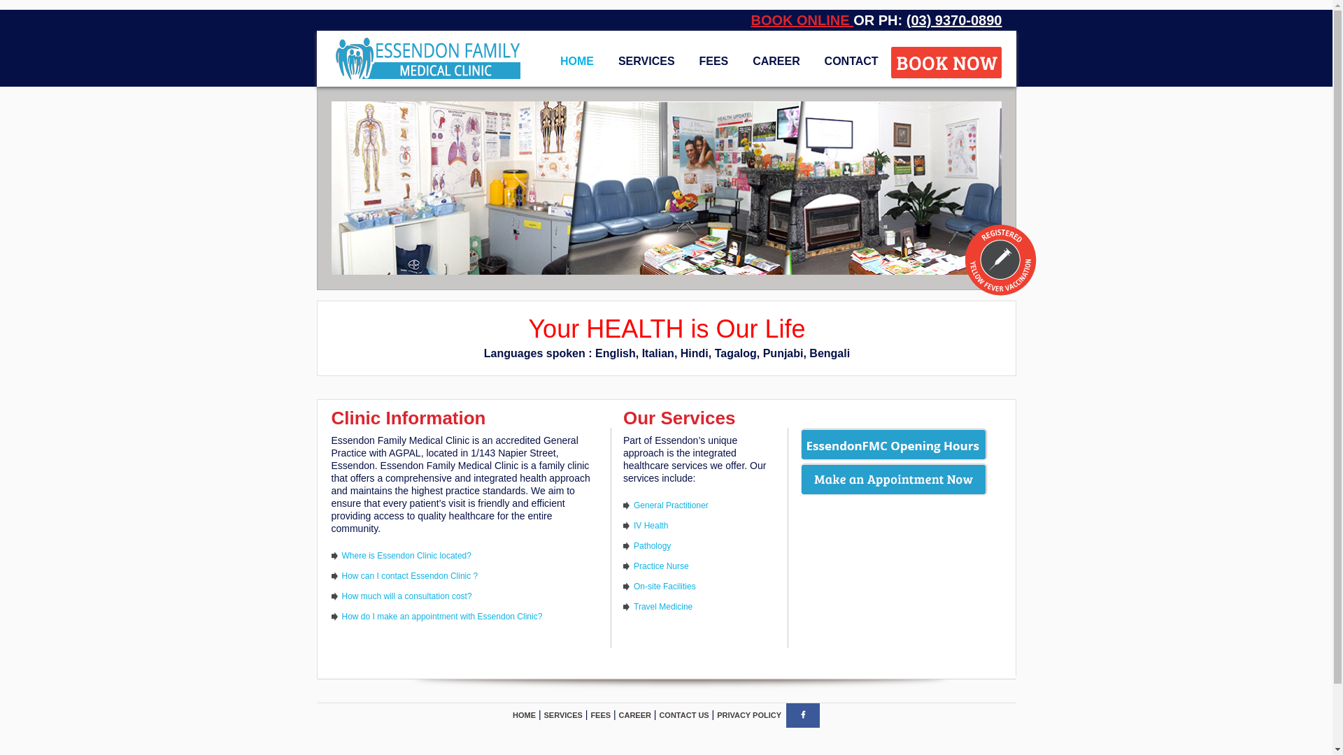 This screenshot has width=1343, height=755. Describe the element at coordinates (609, 60) in the screenshot. I see `'SERVICES'` at that location.